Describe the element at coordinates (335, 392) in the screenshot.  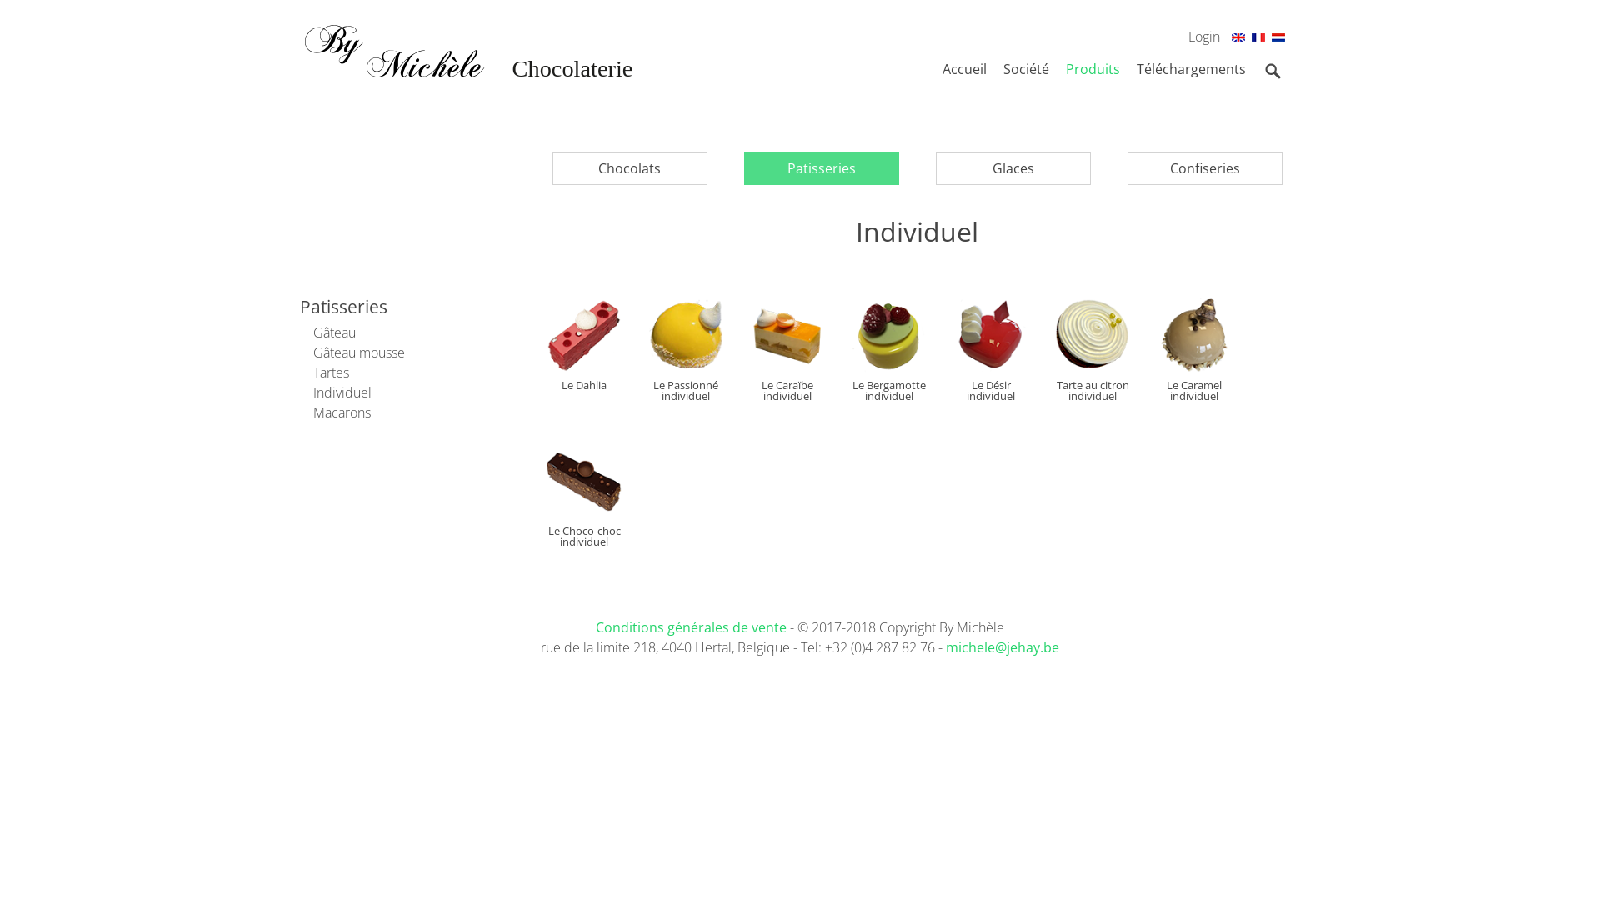
I see `'Individuel'` at that location.